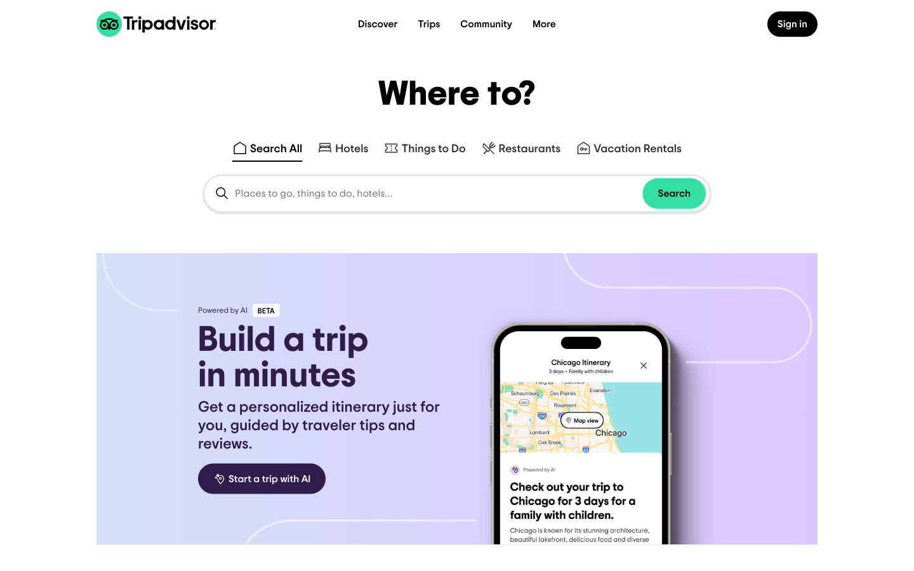 This screenshot has height=571, width=914. Describe the element at coordinates (520, 143) in the screenshot. I see `Identify dining places located in Pittsburgh` at that location.